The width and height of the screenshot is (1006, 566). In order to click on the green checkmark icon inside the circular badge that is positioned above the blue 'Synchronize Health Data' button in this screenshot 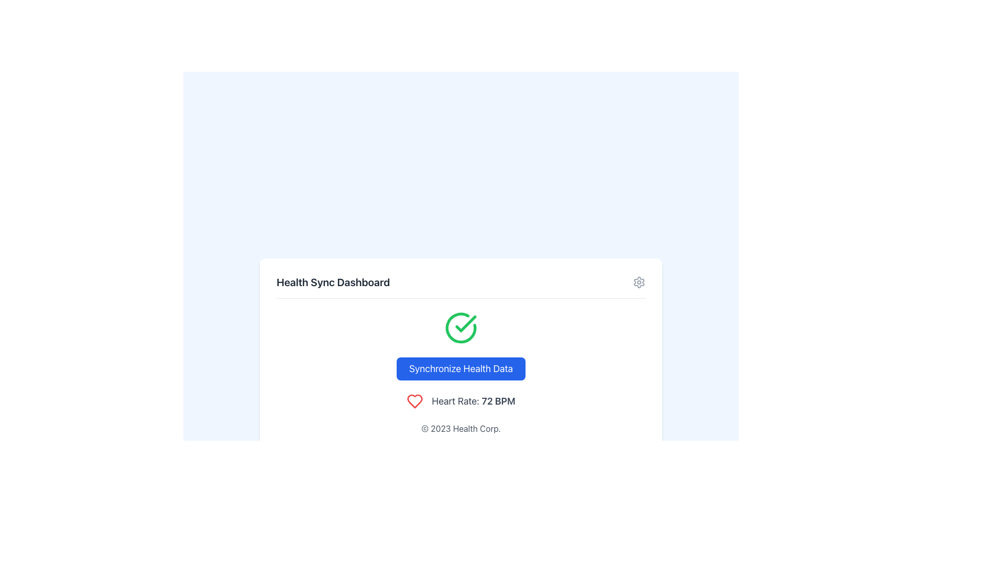, I will do `click(465, 323)`.